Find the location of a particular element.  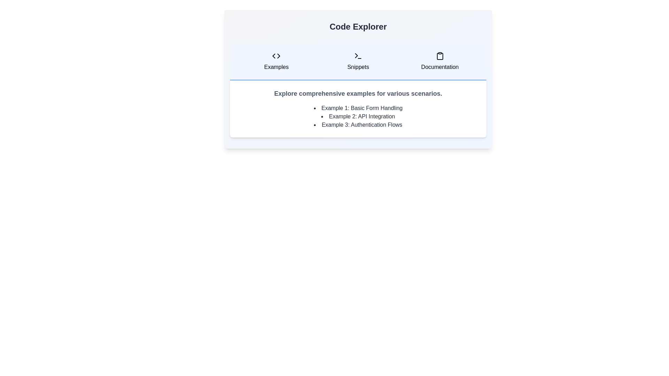

the SVG Icon representing the 'Snippets' tab, which visually indicates the functionality related to code snippets is located at coordinates (358, 56).